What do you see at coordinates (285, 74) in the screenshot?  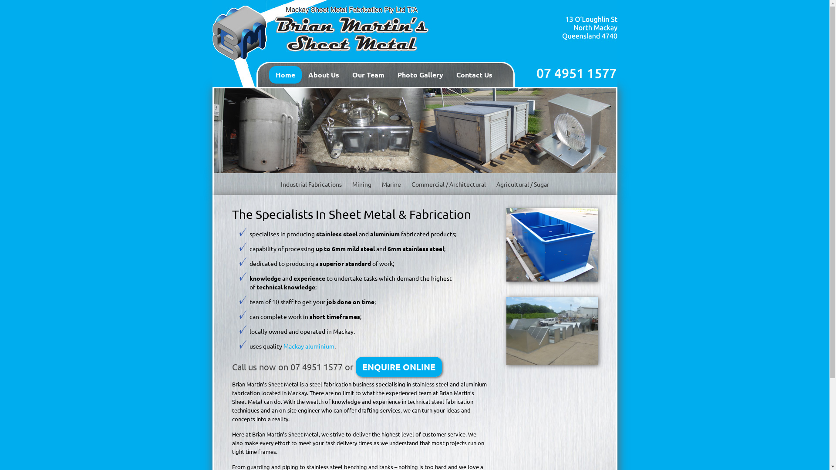 I see `'Home'` at bounding box center [285, 74].